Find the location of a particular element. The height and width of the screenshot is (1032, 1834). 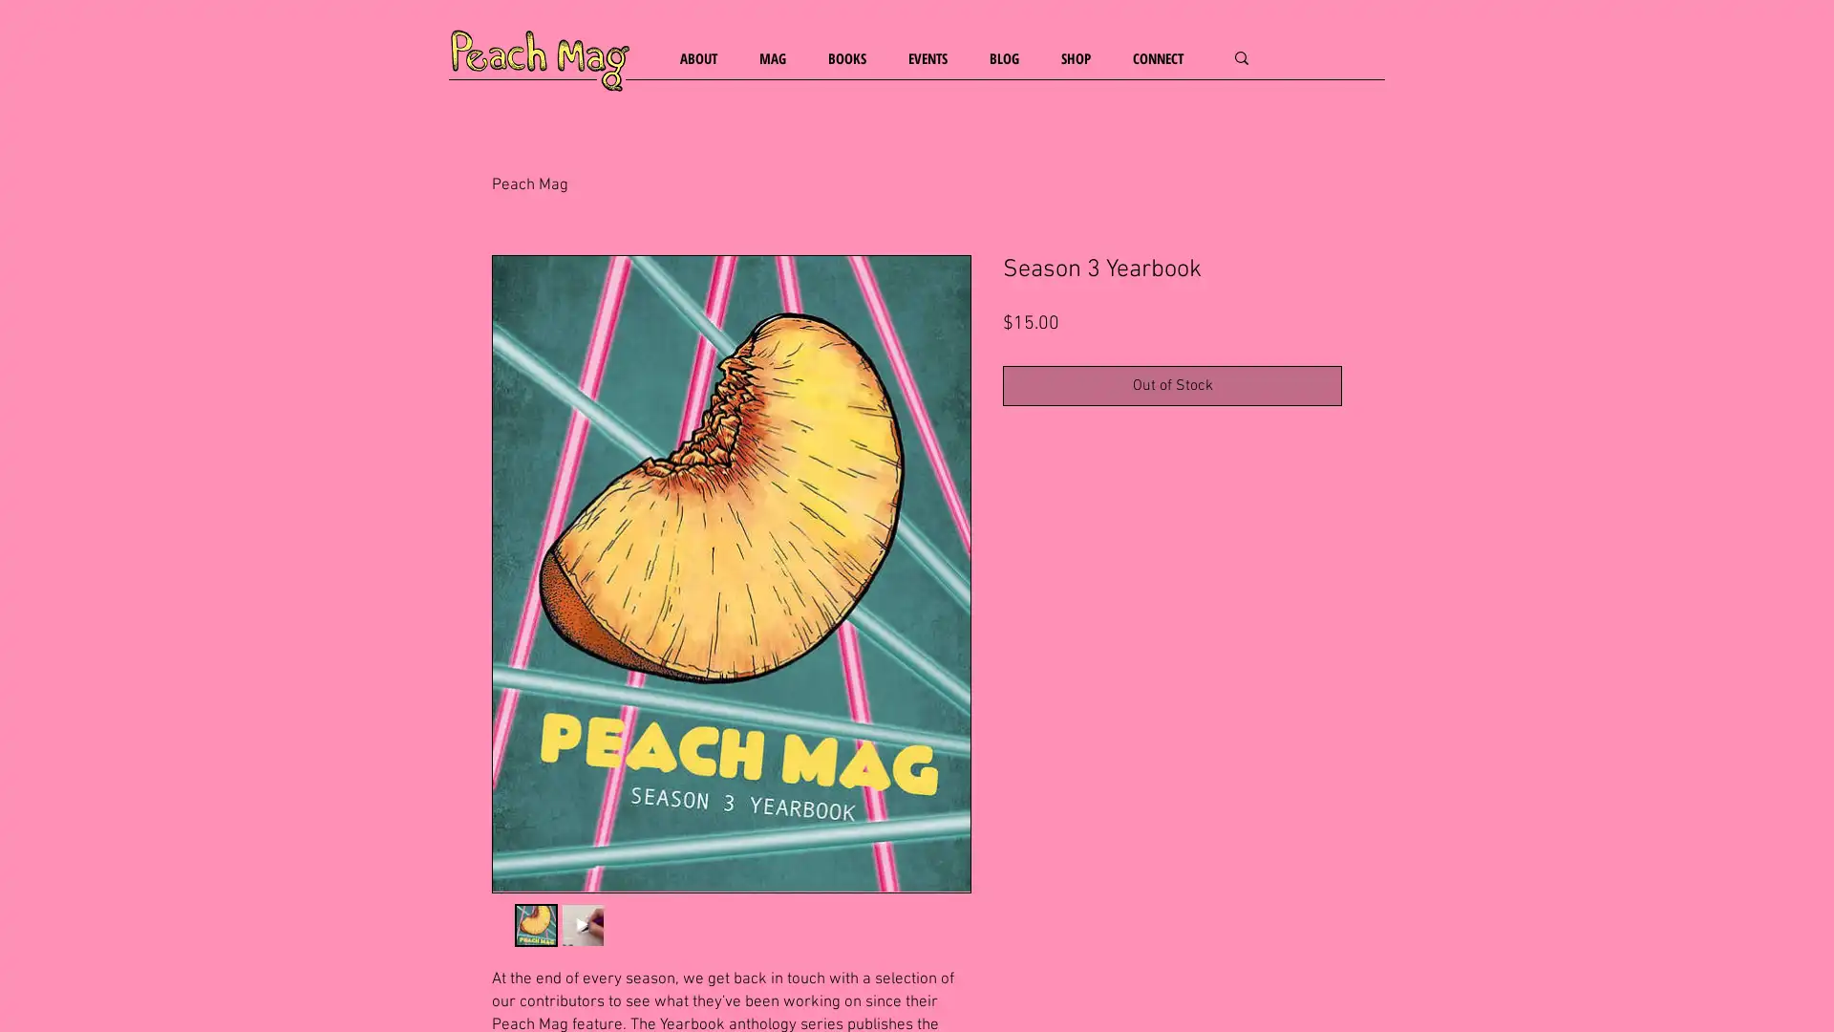

Thumbnail: Season 3 Yearbook is located at coordinates (581, 924).